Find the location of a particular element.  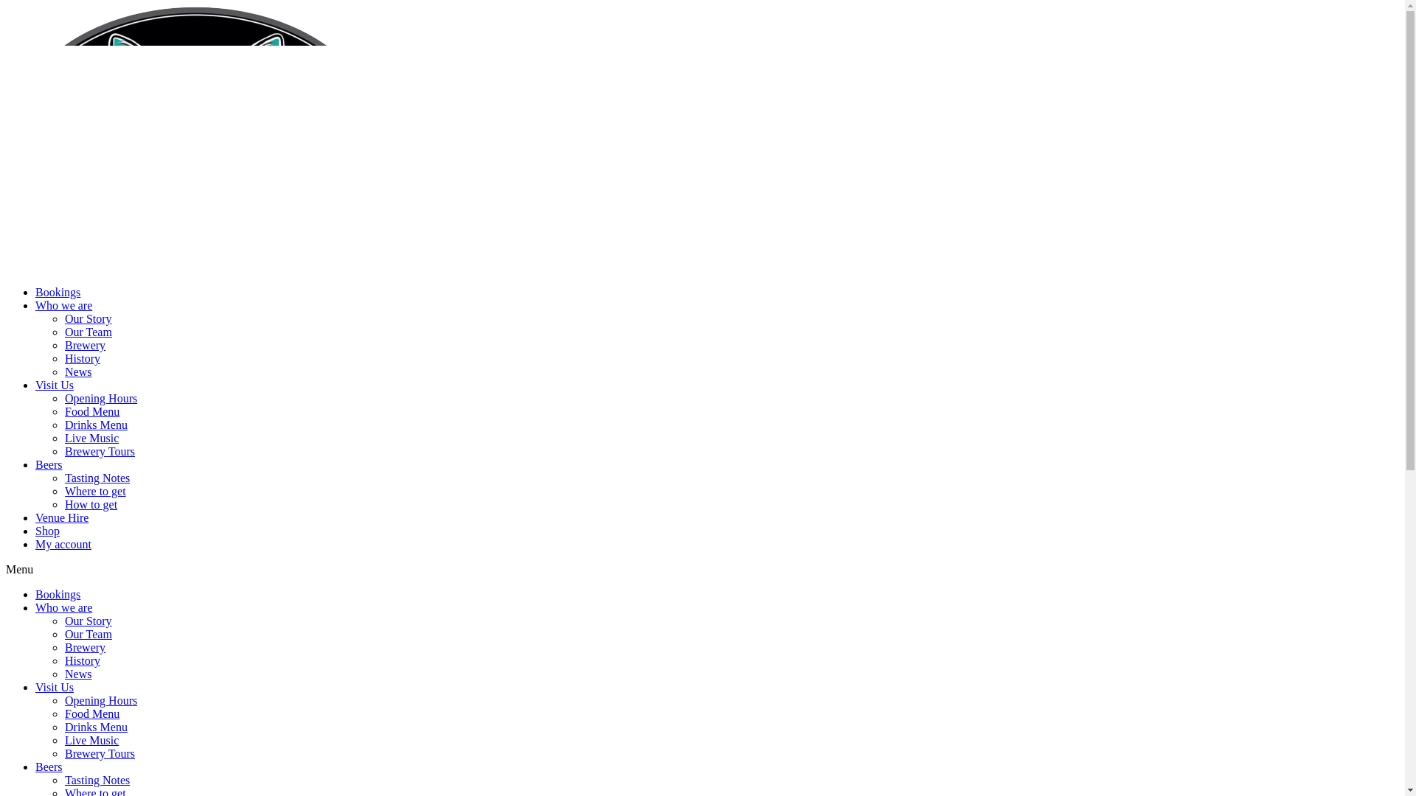

'Food Menu' is located at coordinates (91, 713).